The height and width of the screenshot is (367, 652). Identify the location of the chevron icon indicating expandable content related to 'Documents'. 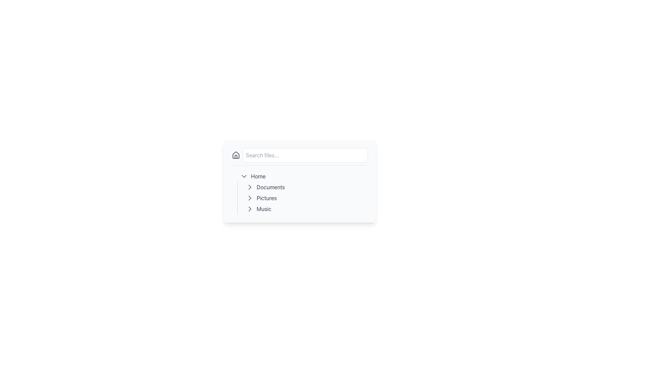
(249, 187).